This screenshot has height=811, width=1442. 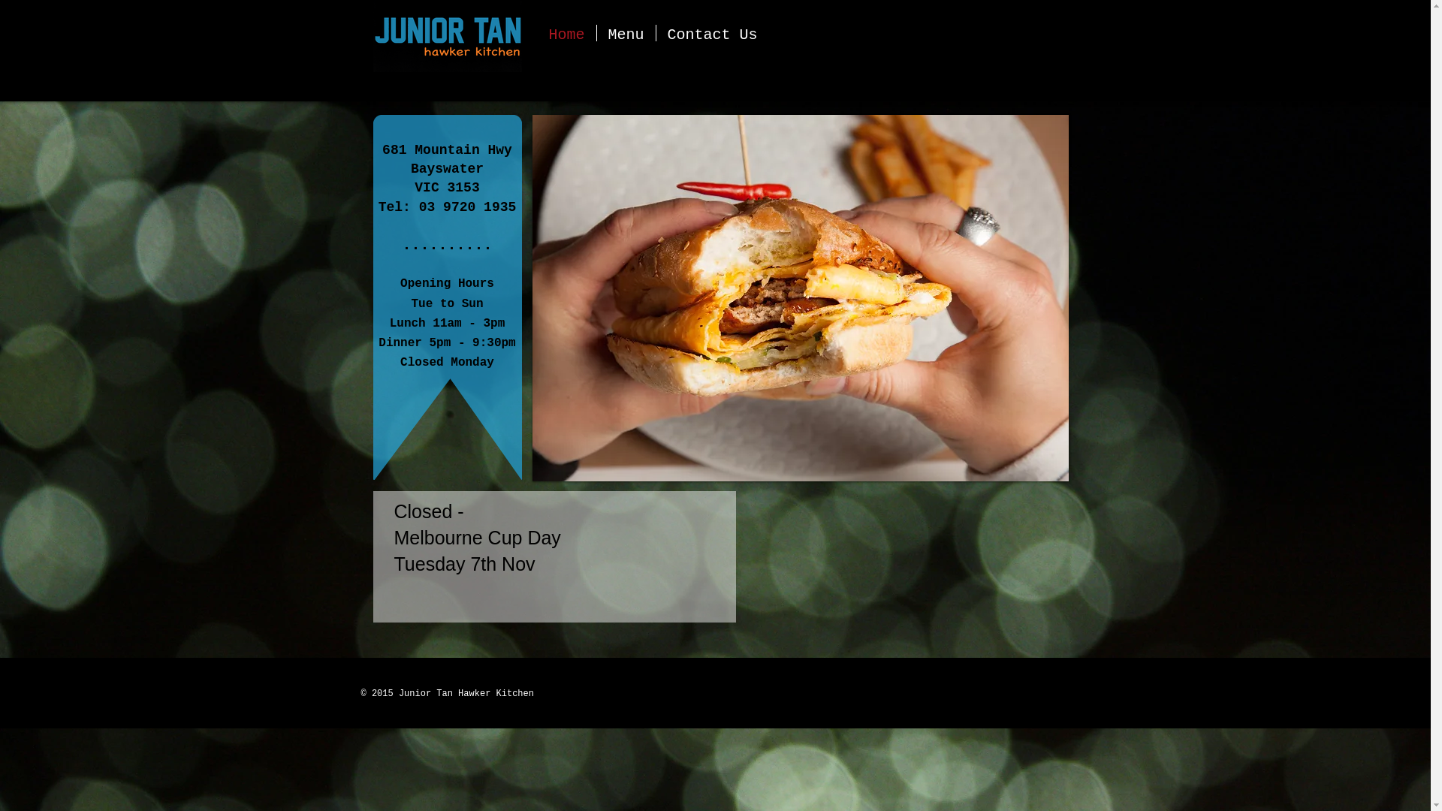 I want to click on 'Menu', so click(x=626, y=32).